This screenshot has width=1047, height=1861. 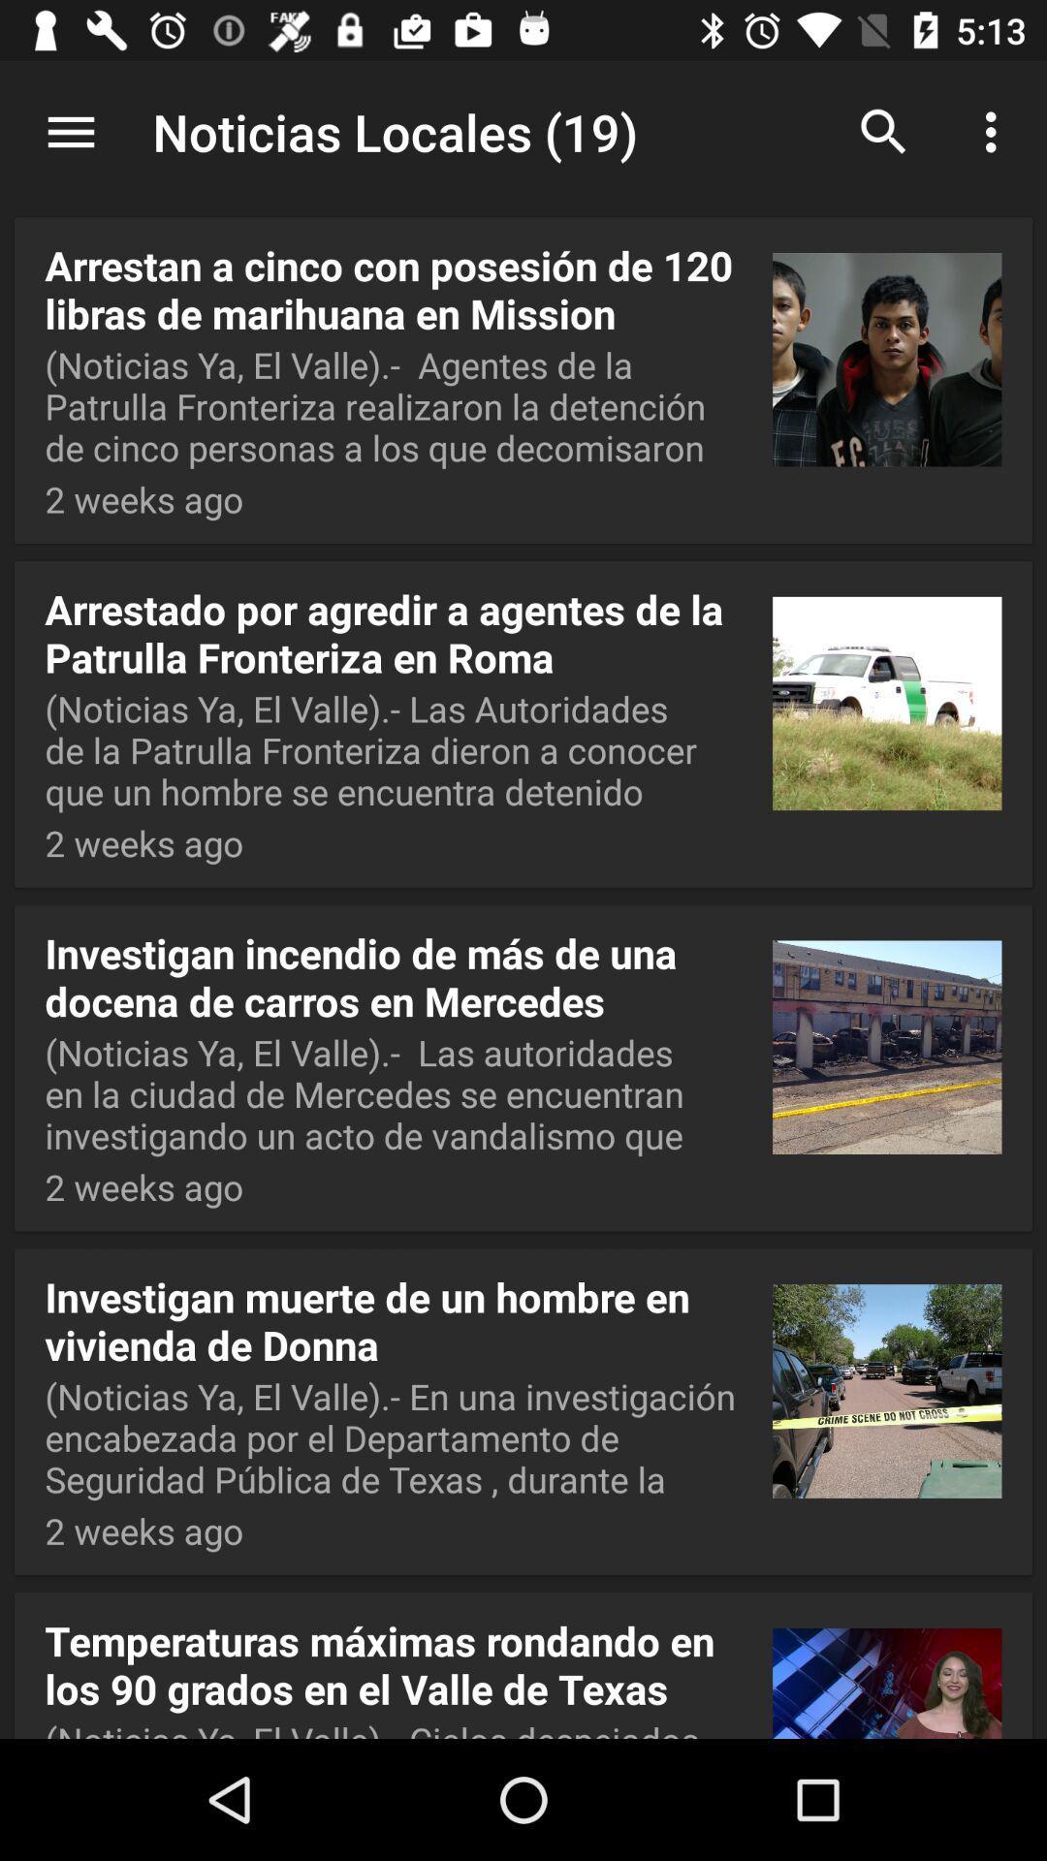 I want to click on the icon next to noticias locales (19) item, so click(x=883, y=131).